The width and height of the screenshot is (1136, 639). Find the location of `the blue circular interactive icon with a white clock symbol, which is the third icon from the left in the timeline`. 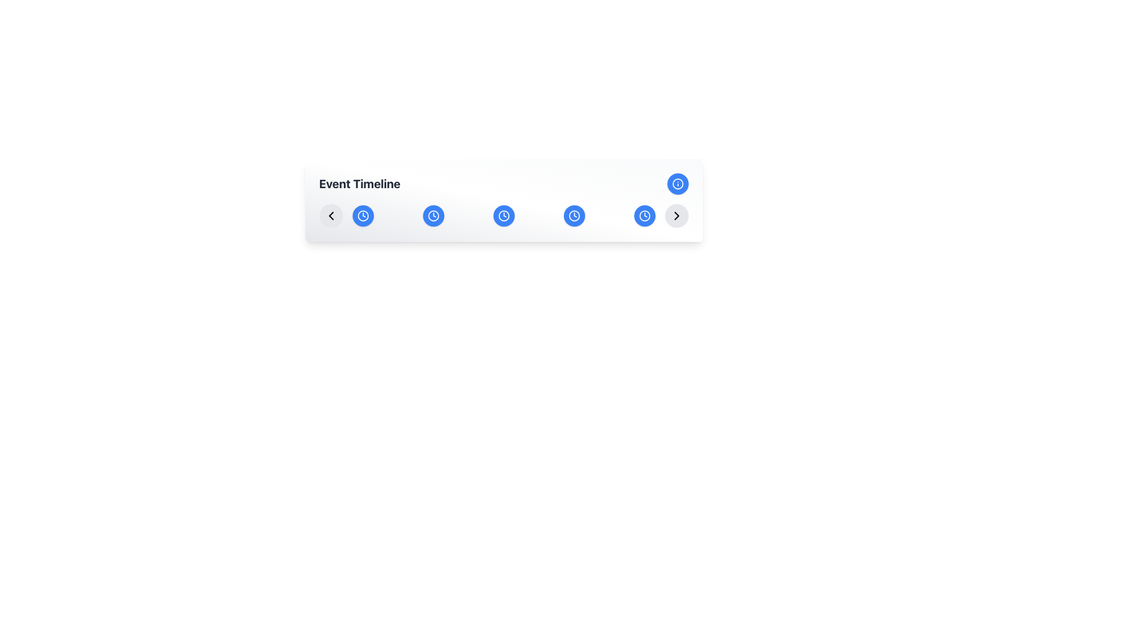

the blue circular interactive icon with a white clock symbol, which is the third icon from the left in the timeline is located at coordinates (504, 216).